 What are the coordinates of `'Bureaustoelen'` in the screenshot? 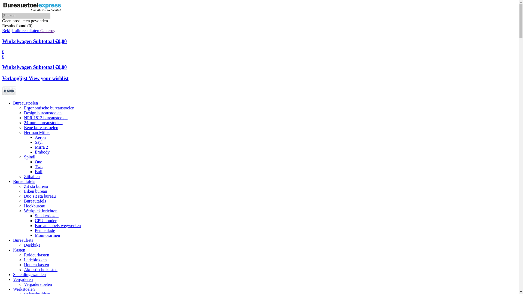 It's located at (13, 103).